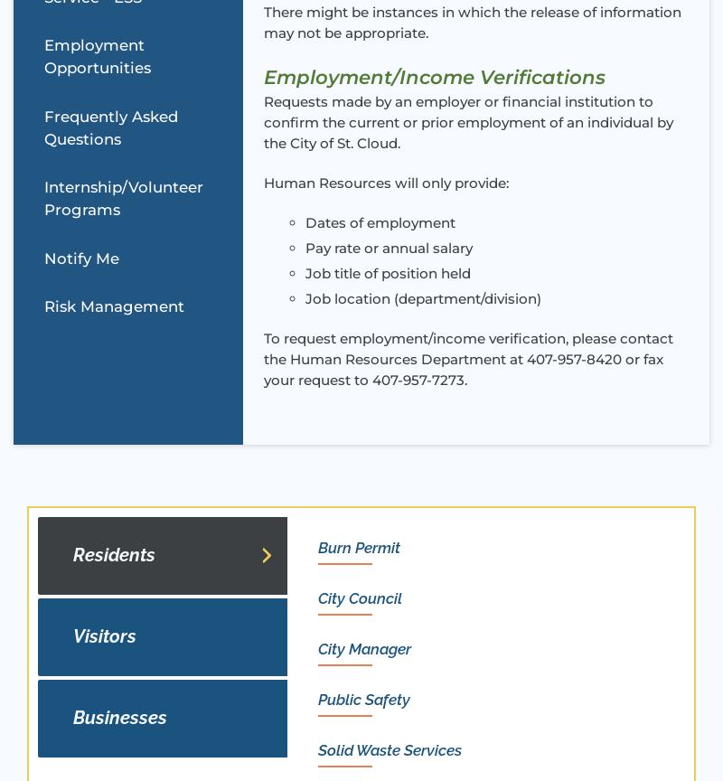 The width and height of the screenshot is (723, 781). What do you see at coordinates (305, 221) in the screenshot?
I see `'Dates of employment'` at bounding box center [305, 221].